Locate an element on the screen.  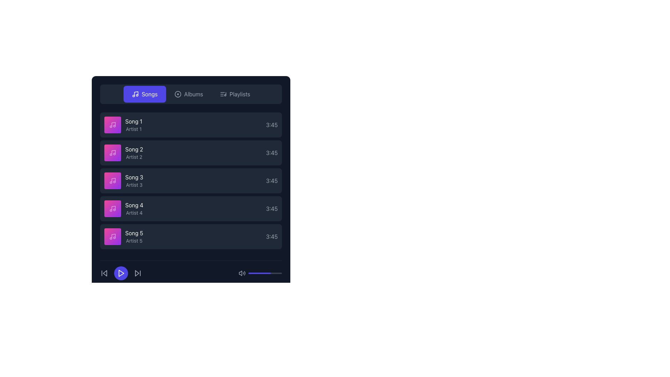
the static text displaying the duration of the second song in the playlist, located in the rightmost section of the second item in the vertical list of songs is located at coordinates (271, 153).